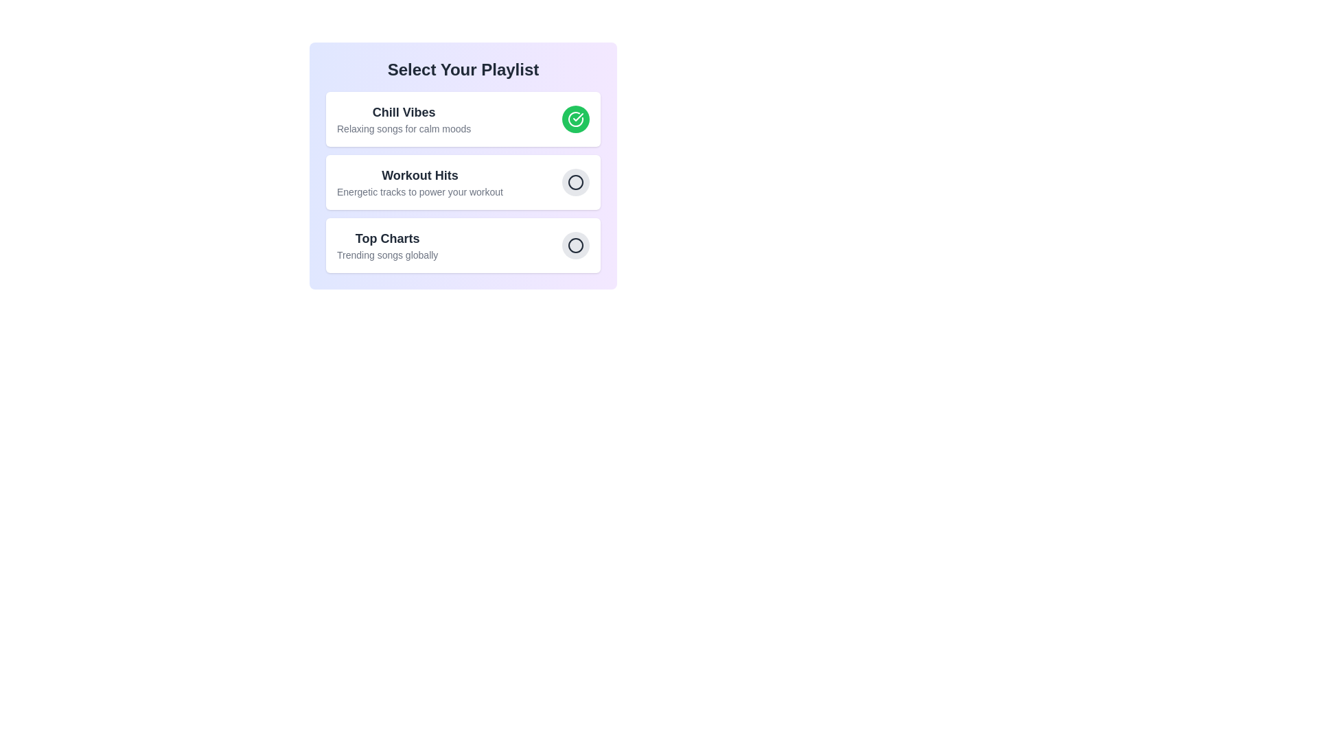 The width and height of the screenshot is (1318, 741). Describe the element at coordinates (419, 174) in the screenshot. I see `the title text of the playlist Workout Hits` at that location.